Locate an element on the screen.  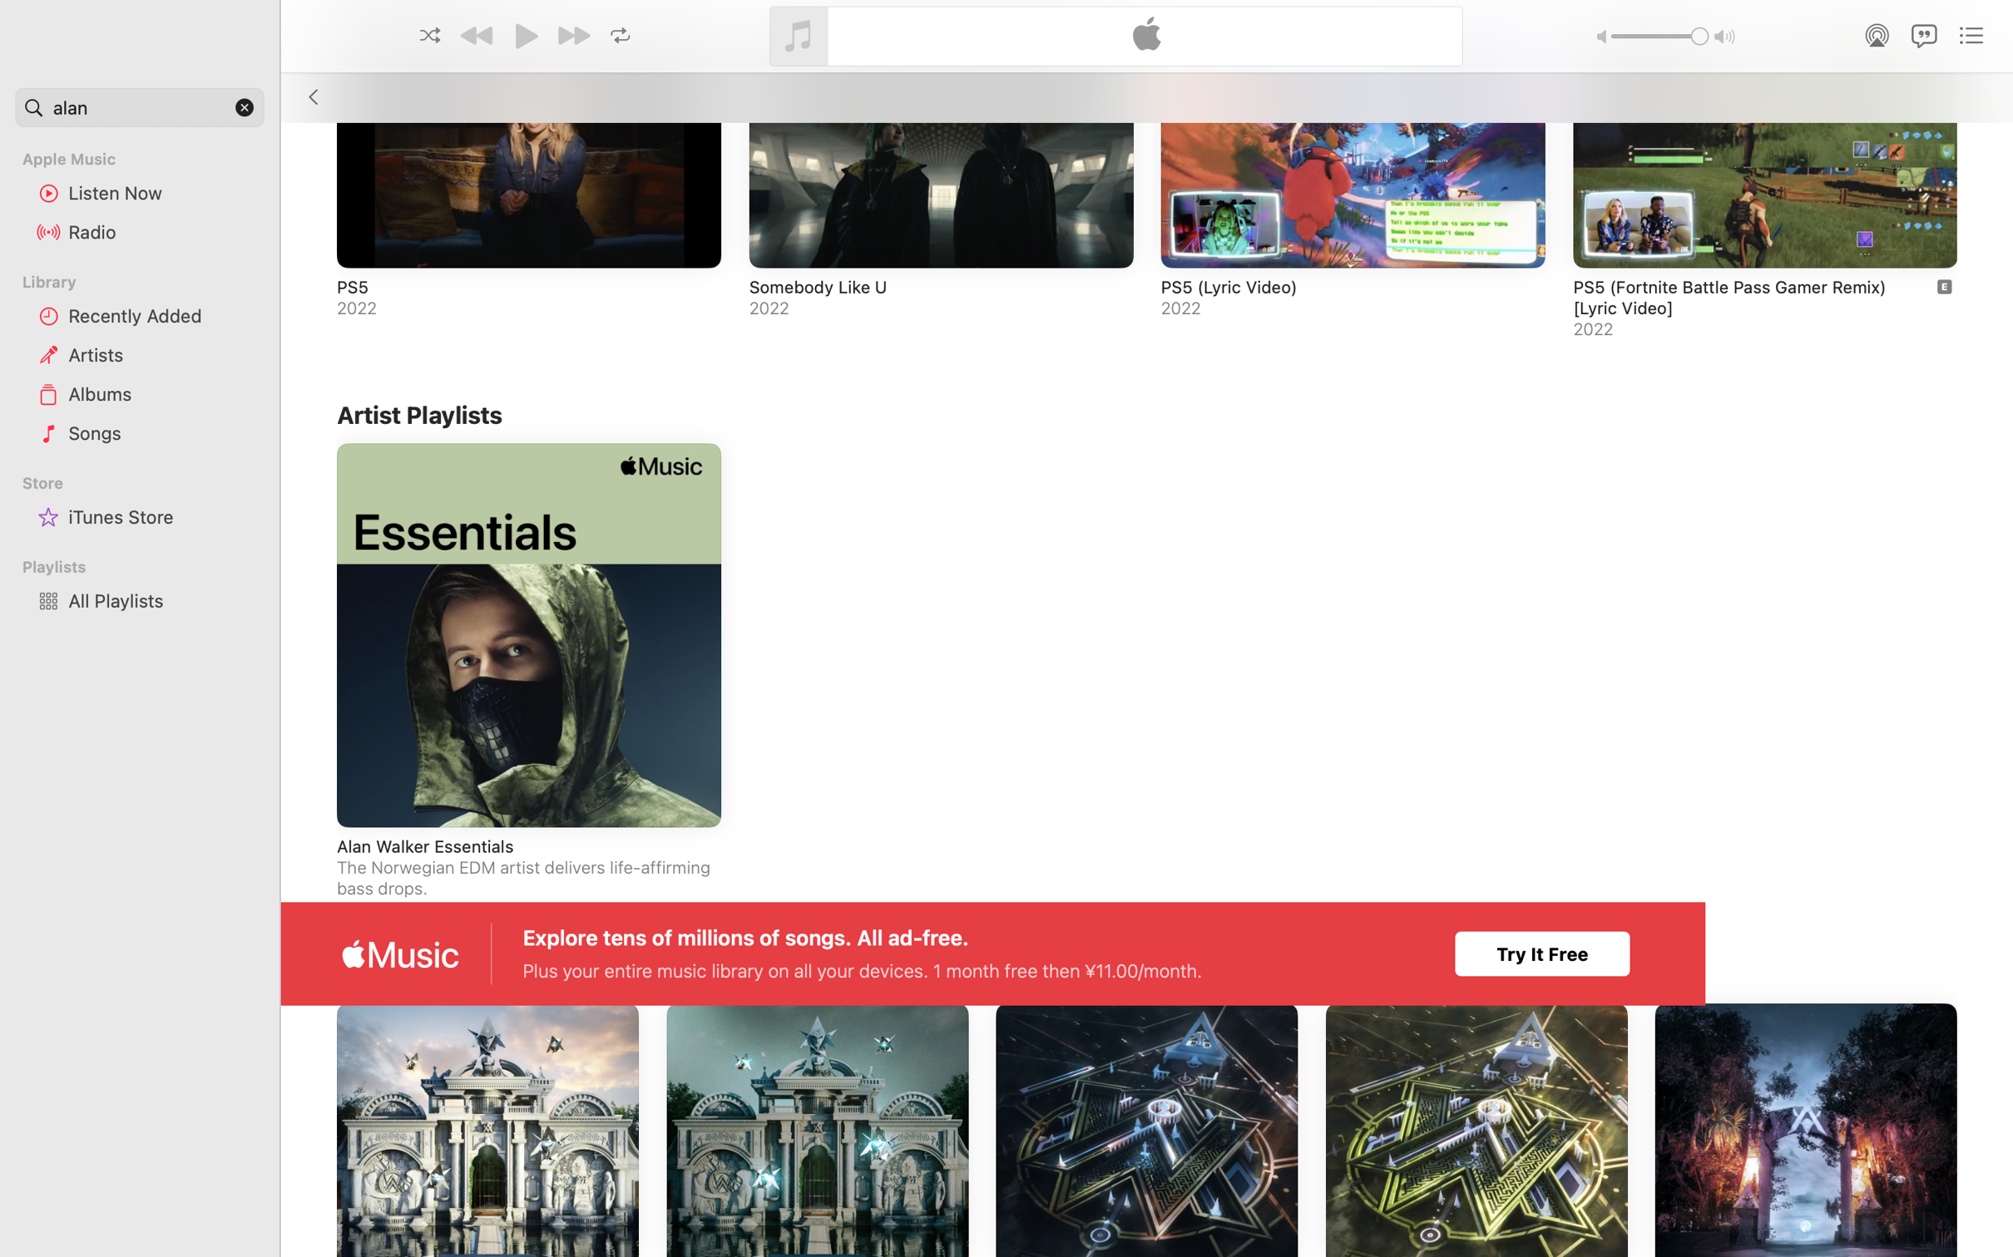
'Explore tens of millions of songs. All ad-free.' is located at coordinates (746, 936).